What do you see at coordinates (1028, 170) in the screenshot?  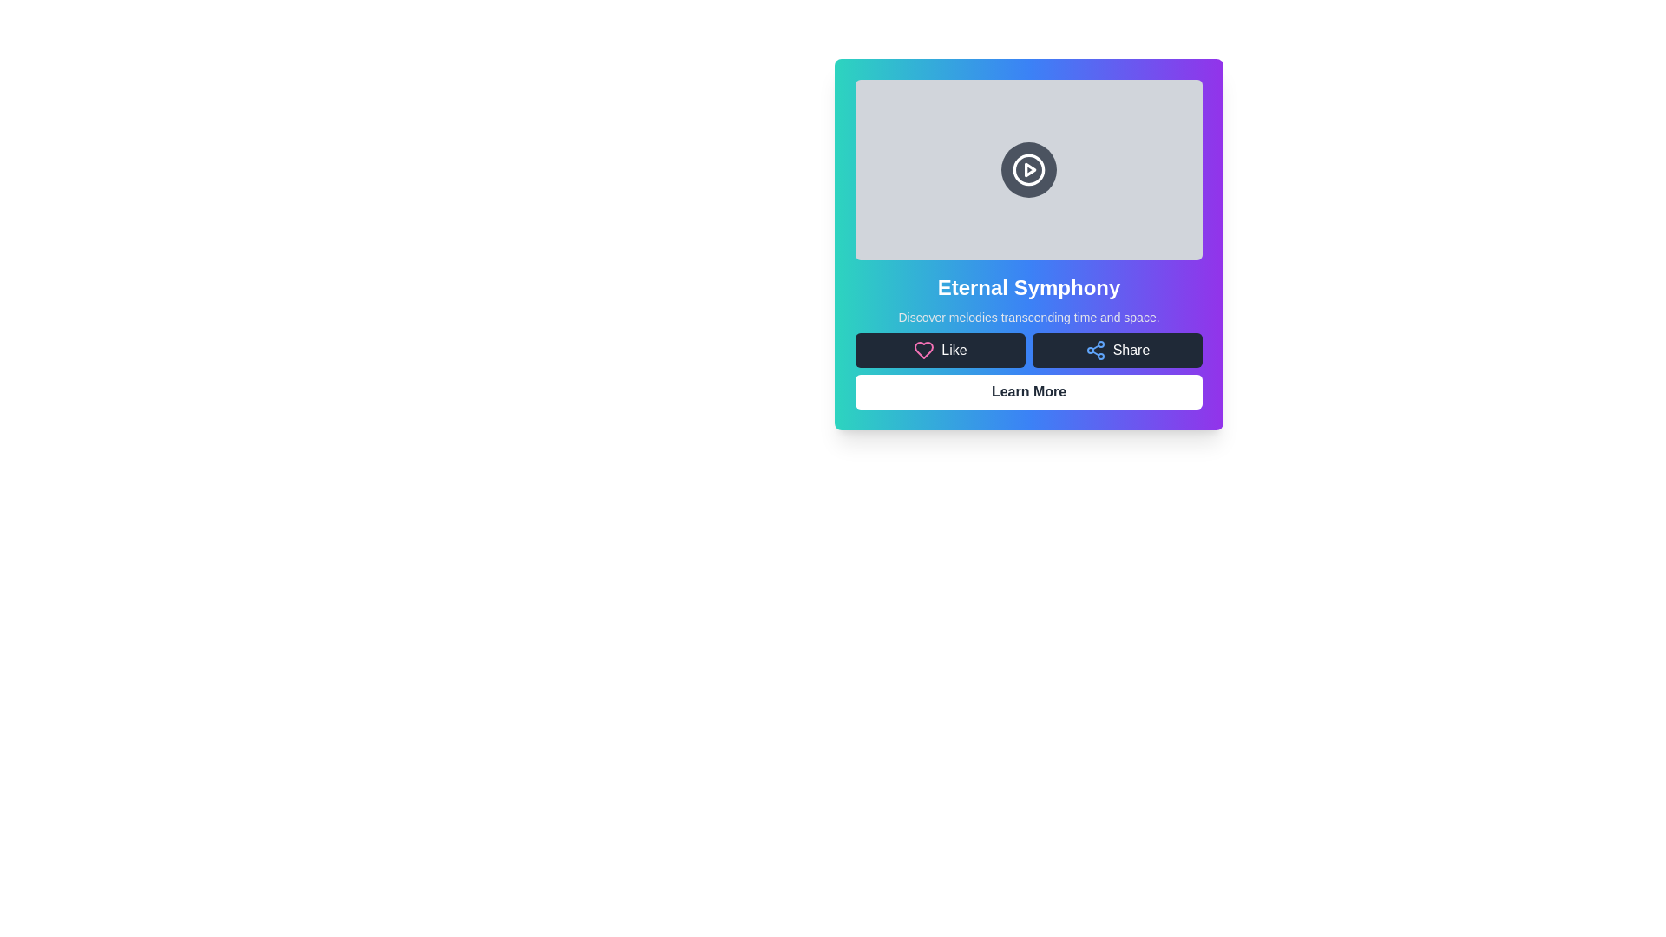 I see `the circular play button icon used to initiate playback of media content` at bounding box center [1028, 170].